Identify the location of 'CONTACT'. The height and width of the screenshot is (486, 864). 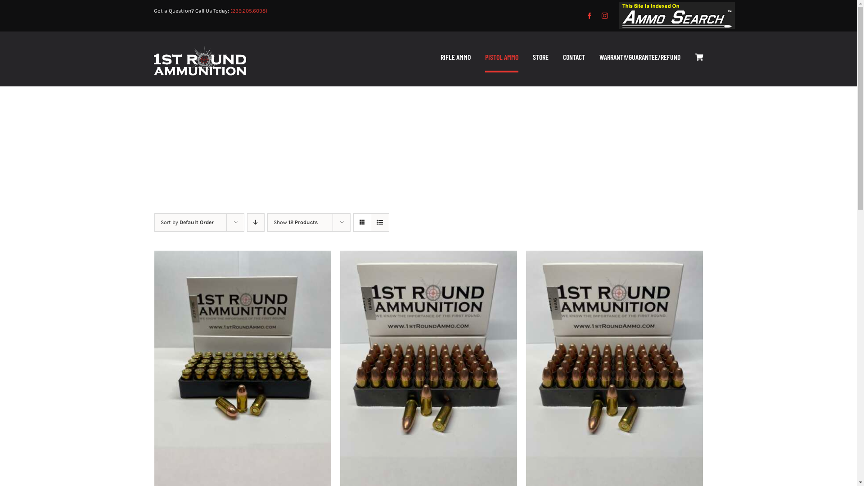
(573, 58).